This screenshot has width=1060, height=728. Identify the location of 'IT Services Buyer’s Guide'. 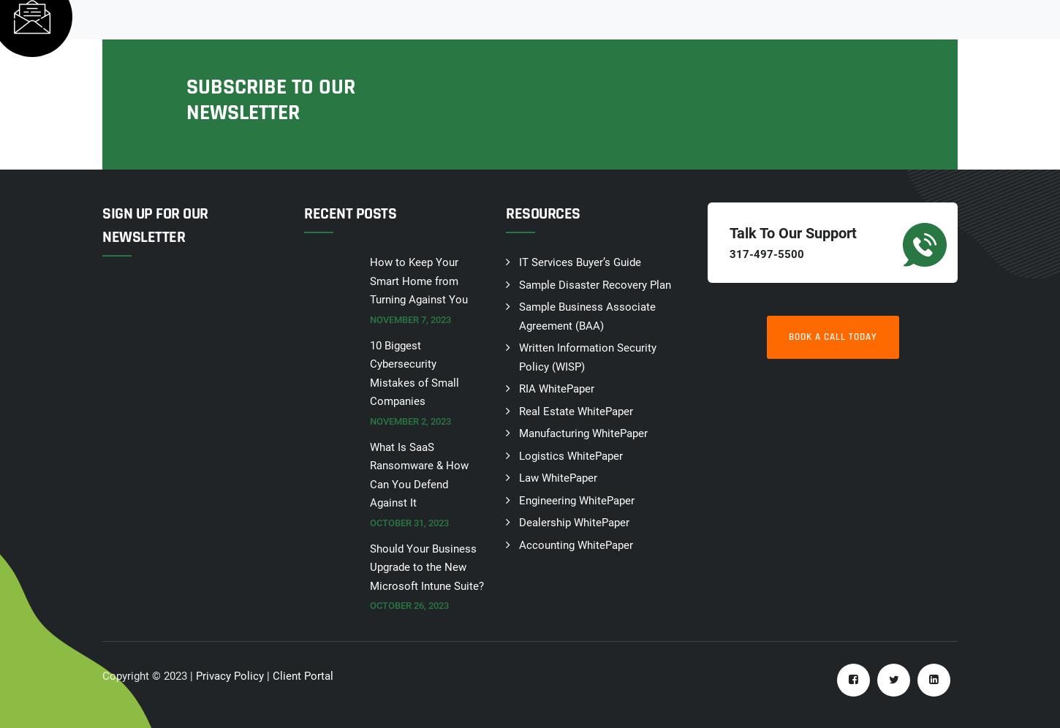
(518, 262).